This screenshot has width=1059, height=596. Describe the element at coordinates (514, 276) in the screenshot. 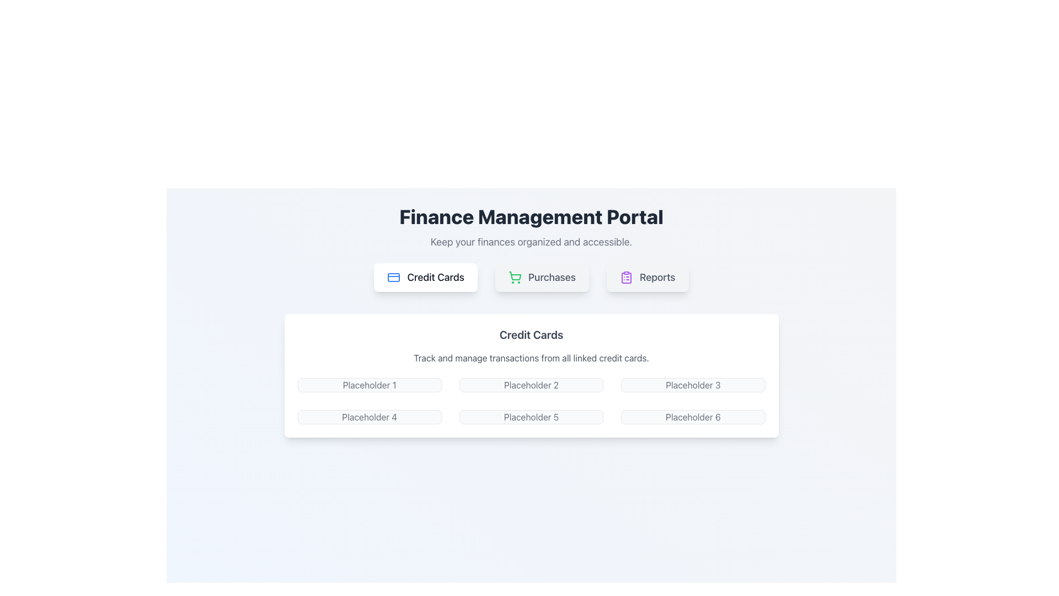

I see `the green shopping cart icon located adjacent to the 'Purchases' text within its rounded rectangular button` at that location.